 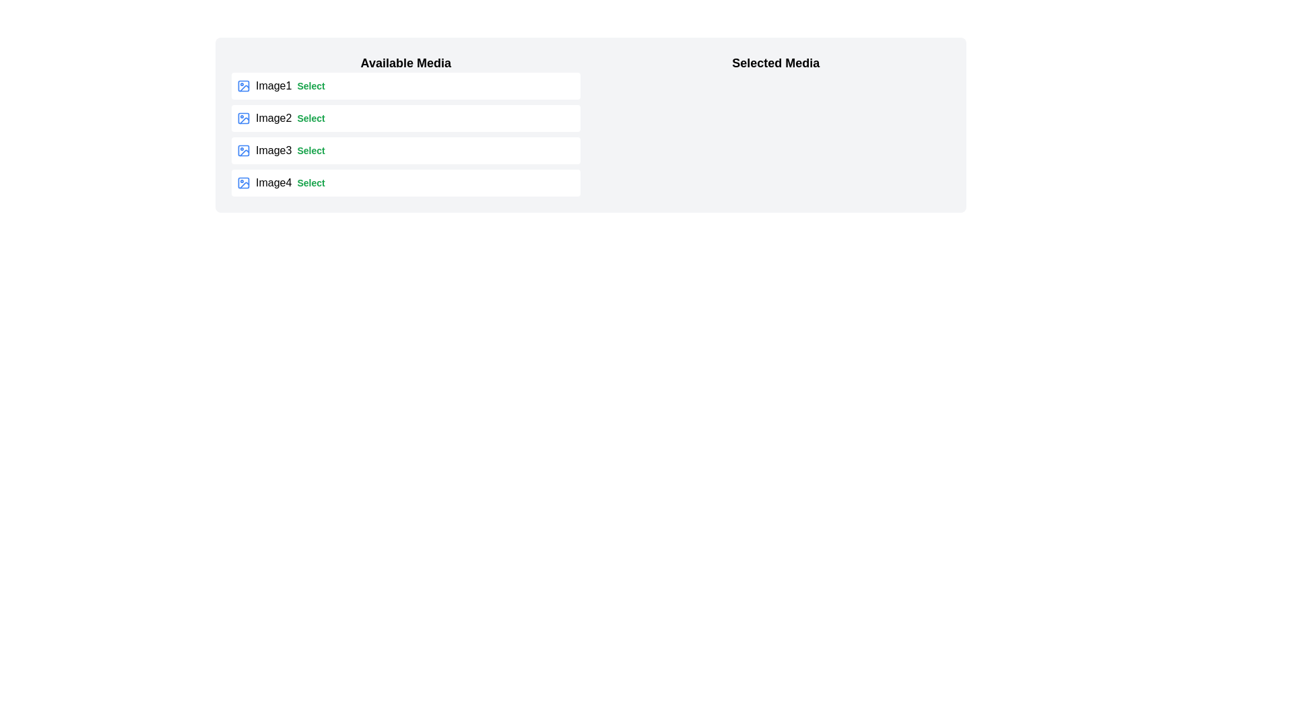 I want to click on the icon representing a media item in the 'Available Media' section, located next to the label 'Image3', so click(x=243, y=150).